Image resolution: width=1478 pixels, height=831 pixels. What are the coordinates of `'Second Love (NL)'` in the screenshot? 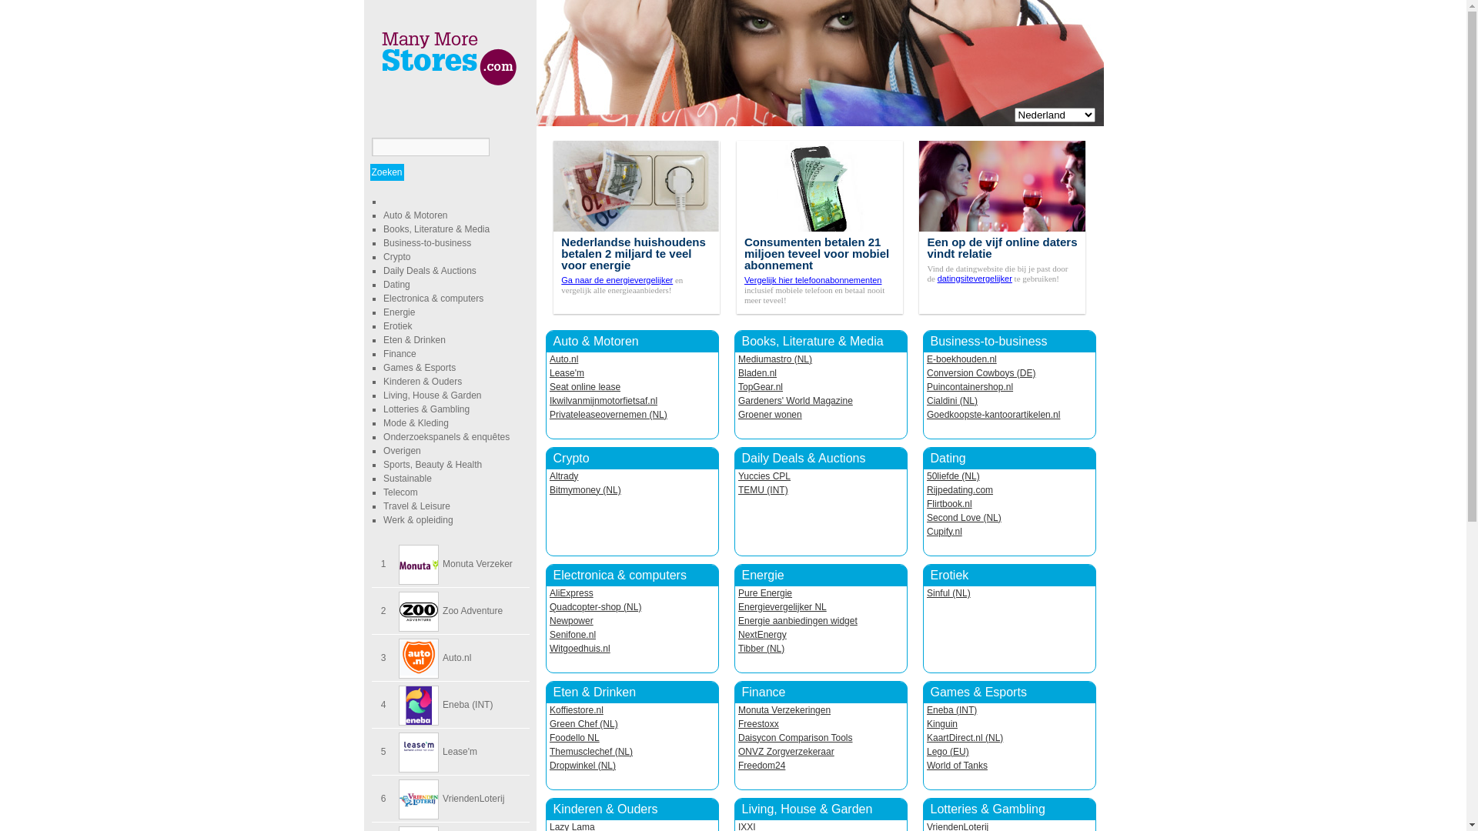 It's located at (963, 517).